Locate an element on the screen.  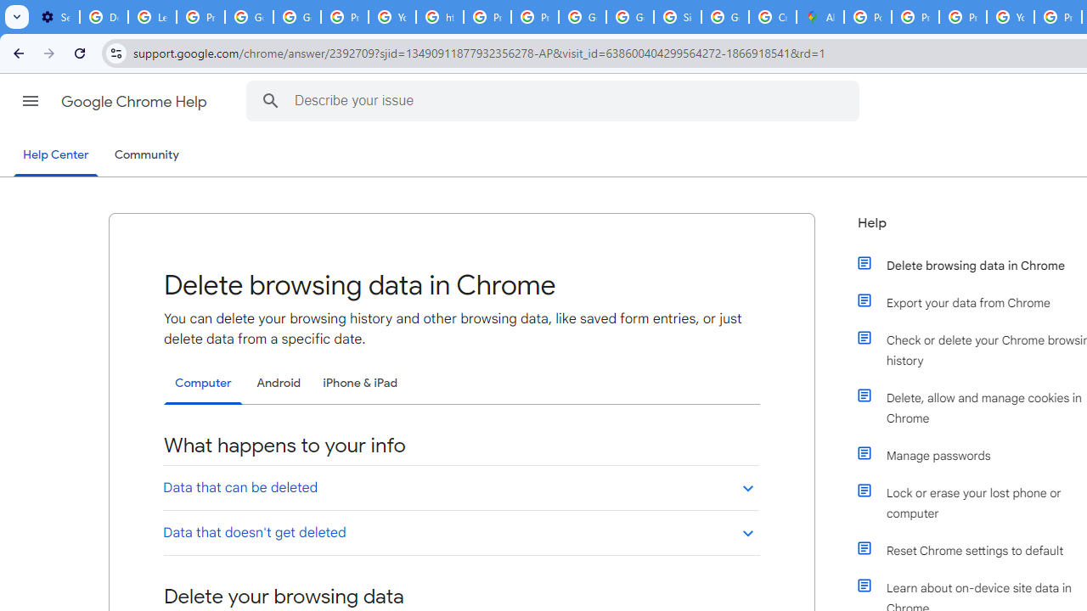
'Community' is located at coordinates (146, 155).